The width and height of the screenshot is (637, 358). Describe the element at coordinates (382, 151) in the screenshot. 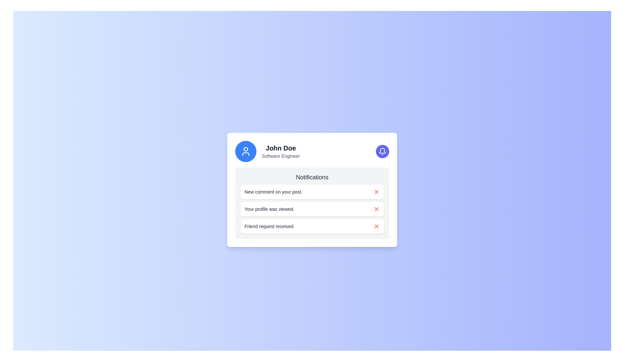

I see `the circular button with an indigo background and white bell icon` at that location.